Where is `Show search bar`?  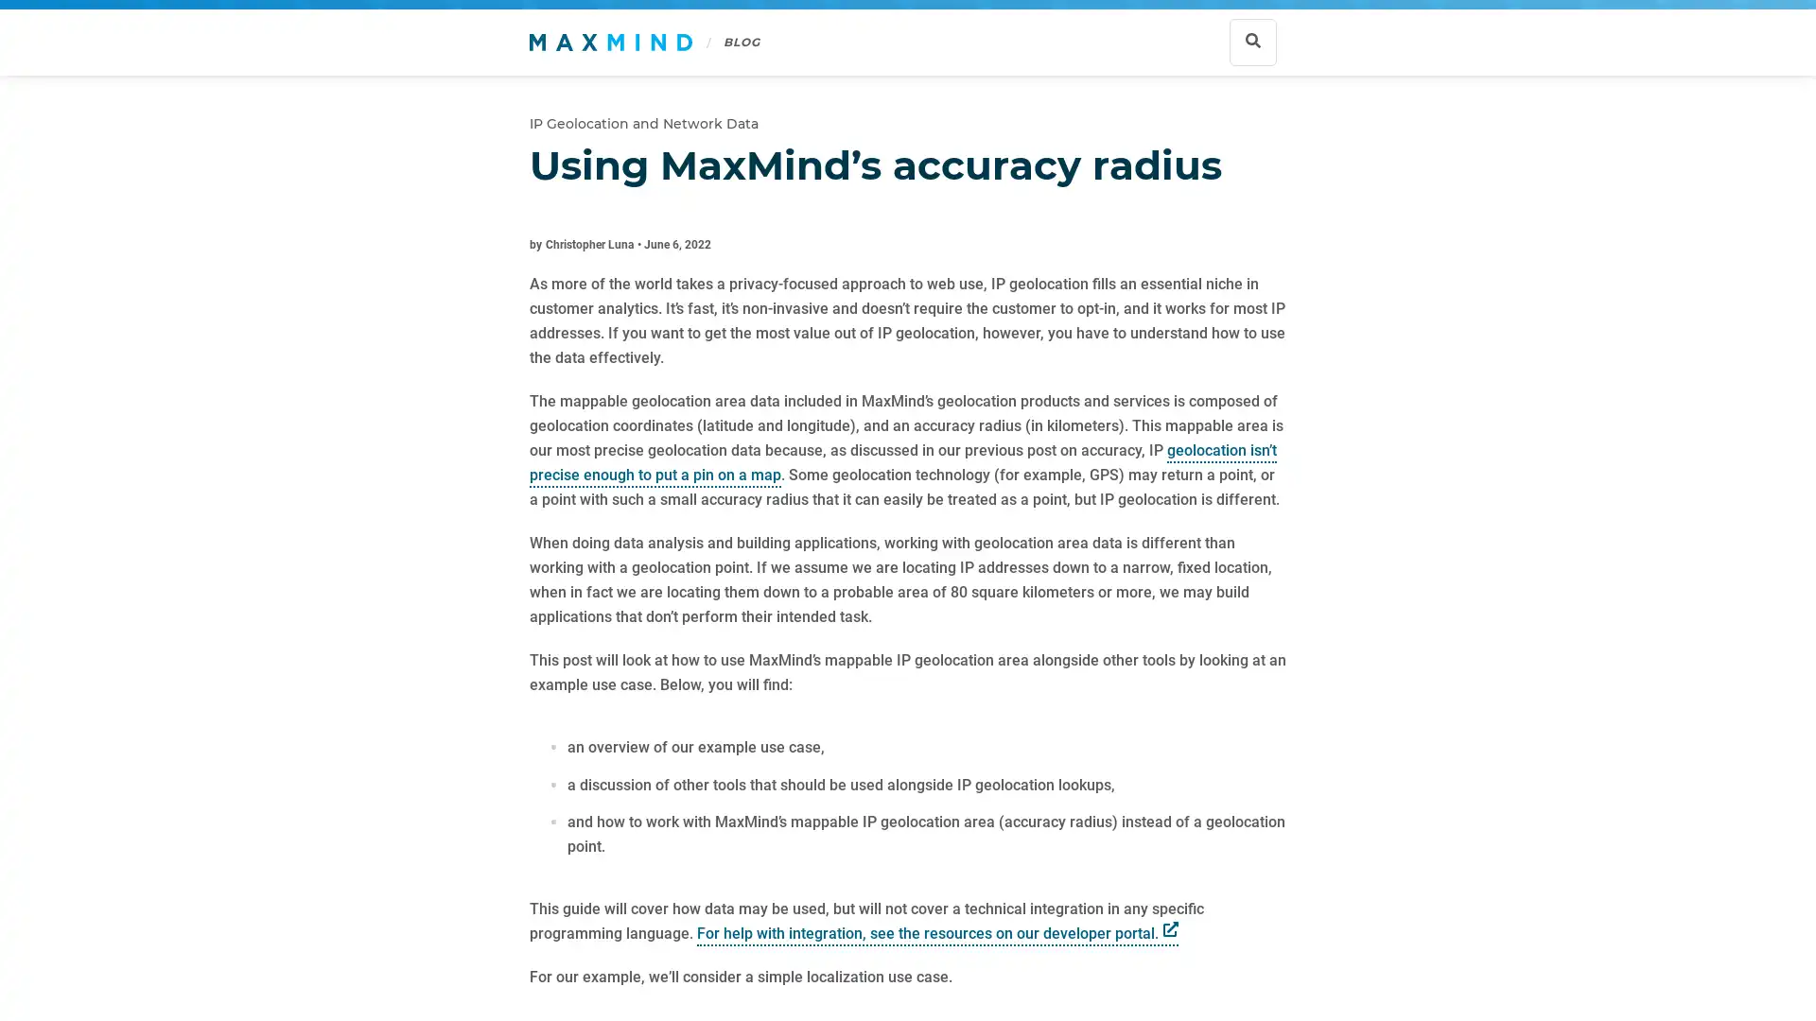 Show search bar is located at coordinates (1252, 43).